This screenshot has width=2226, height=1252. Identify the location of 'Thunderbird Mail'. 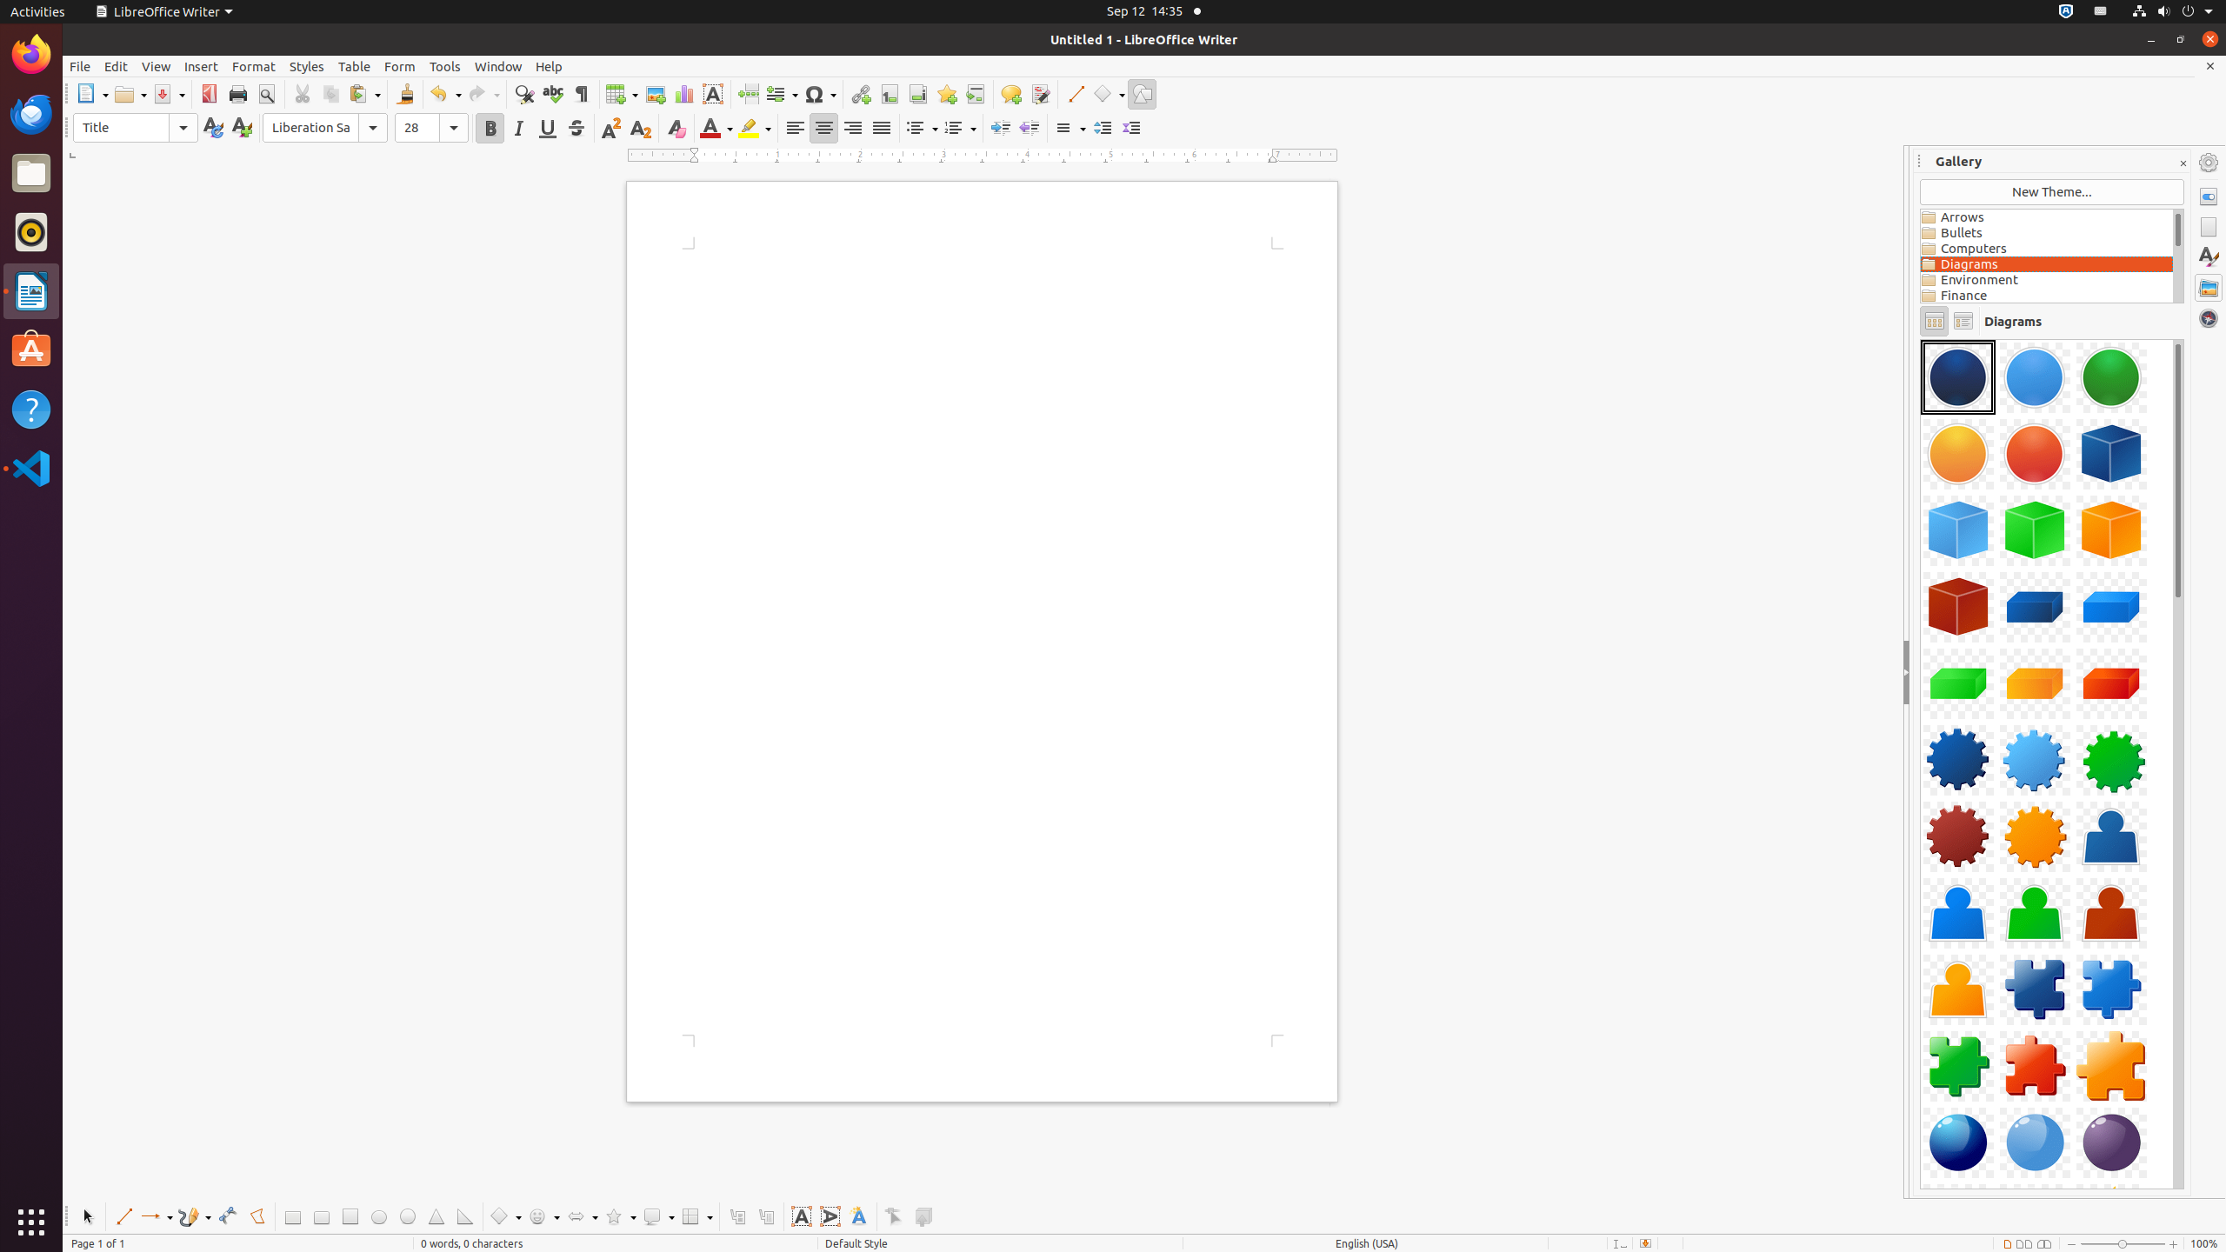
(31, 113).